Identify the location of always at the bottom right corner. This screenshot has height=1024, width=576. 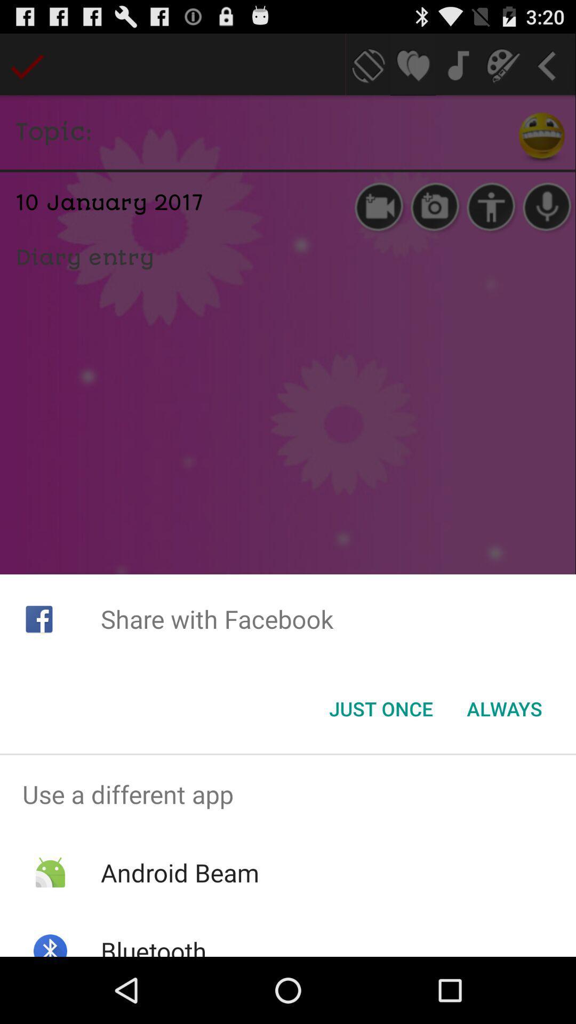
(504, 709).